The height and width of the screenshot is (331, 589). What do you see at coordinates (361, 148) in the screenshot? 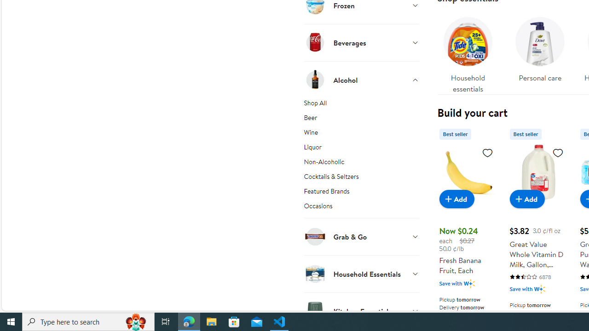
I see `'Liquor'` at bounding box center [361, 148].